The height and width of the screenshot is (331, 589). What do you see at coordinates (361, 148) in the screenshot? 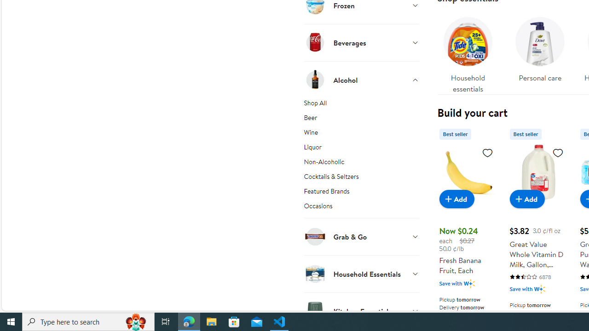
I see `'Liquor'` at bounding box center [361, 148].